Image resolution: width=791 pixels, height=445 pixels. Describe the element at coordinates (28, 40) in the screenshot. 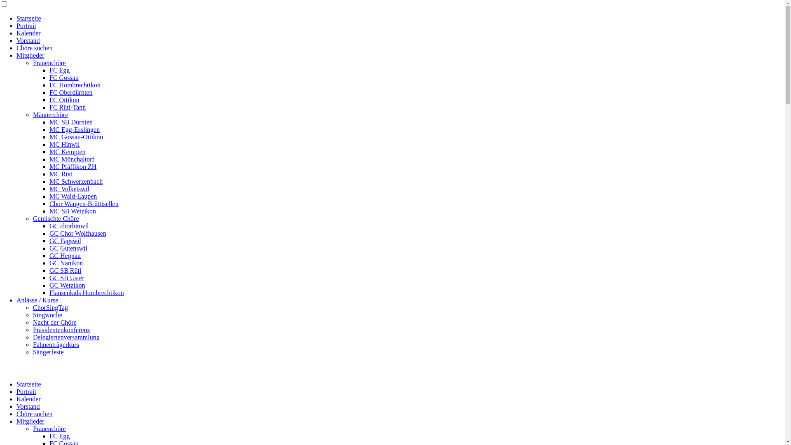

I see `'Vorstand'` at that location.